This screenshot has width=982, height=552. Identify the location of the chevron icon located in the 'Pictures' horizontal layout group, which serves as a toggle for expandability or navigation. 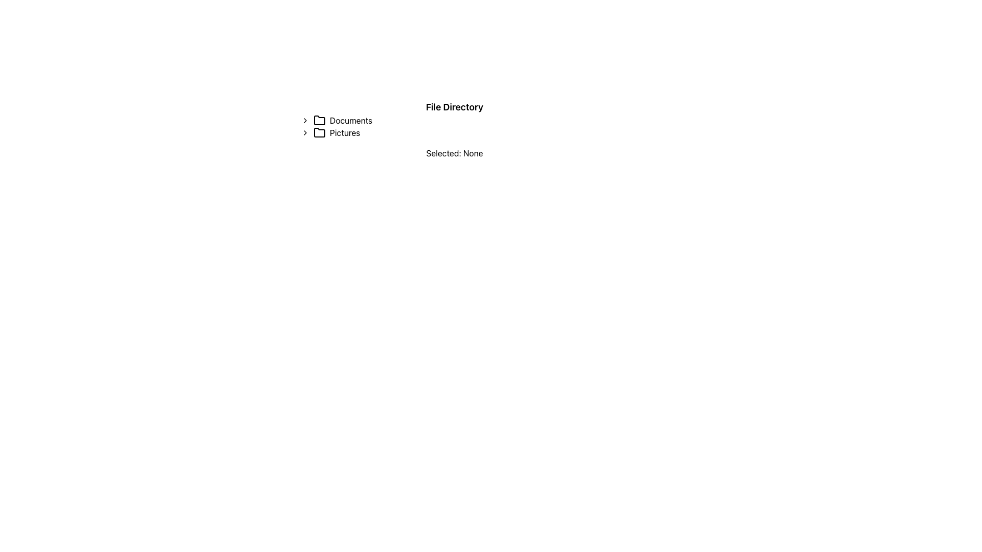
(304, 132).